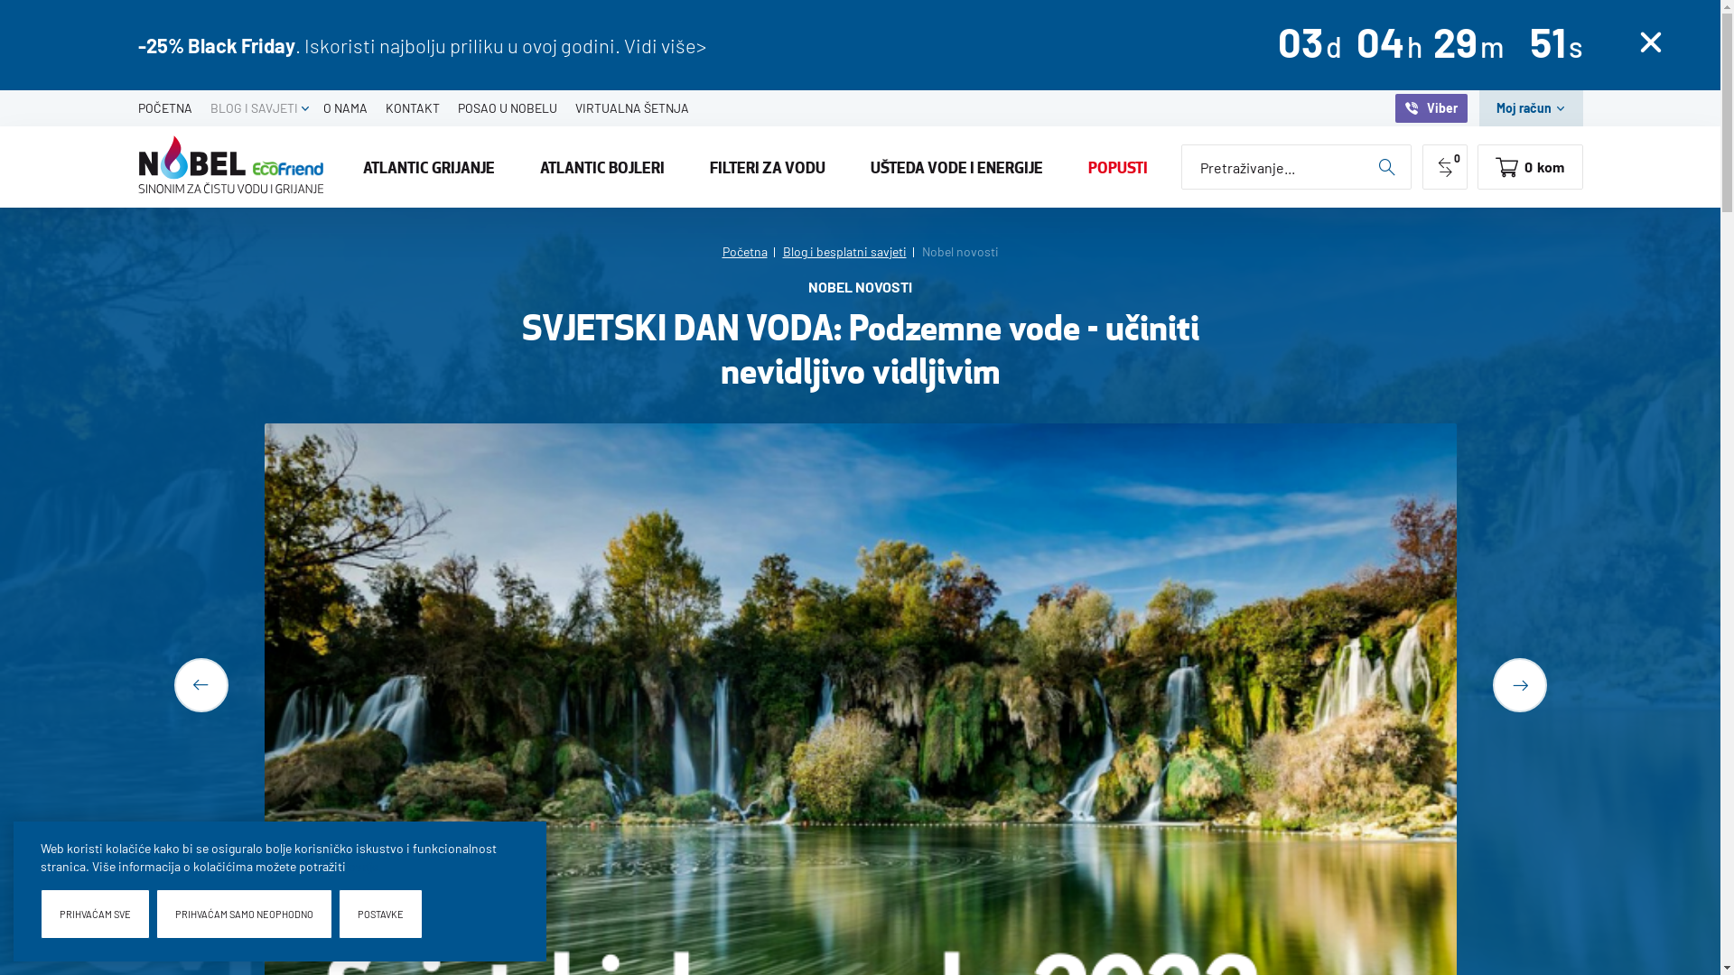 The width and height of the screenshot is (1734, 975). What do you see at coordinates (602, 167) in the screenshot?
I see `'ATLANTIC BOJLERI'` at bounding box center [602, 167].